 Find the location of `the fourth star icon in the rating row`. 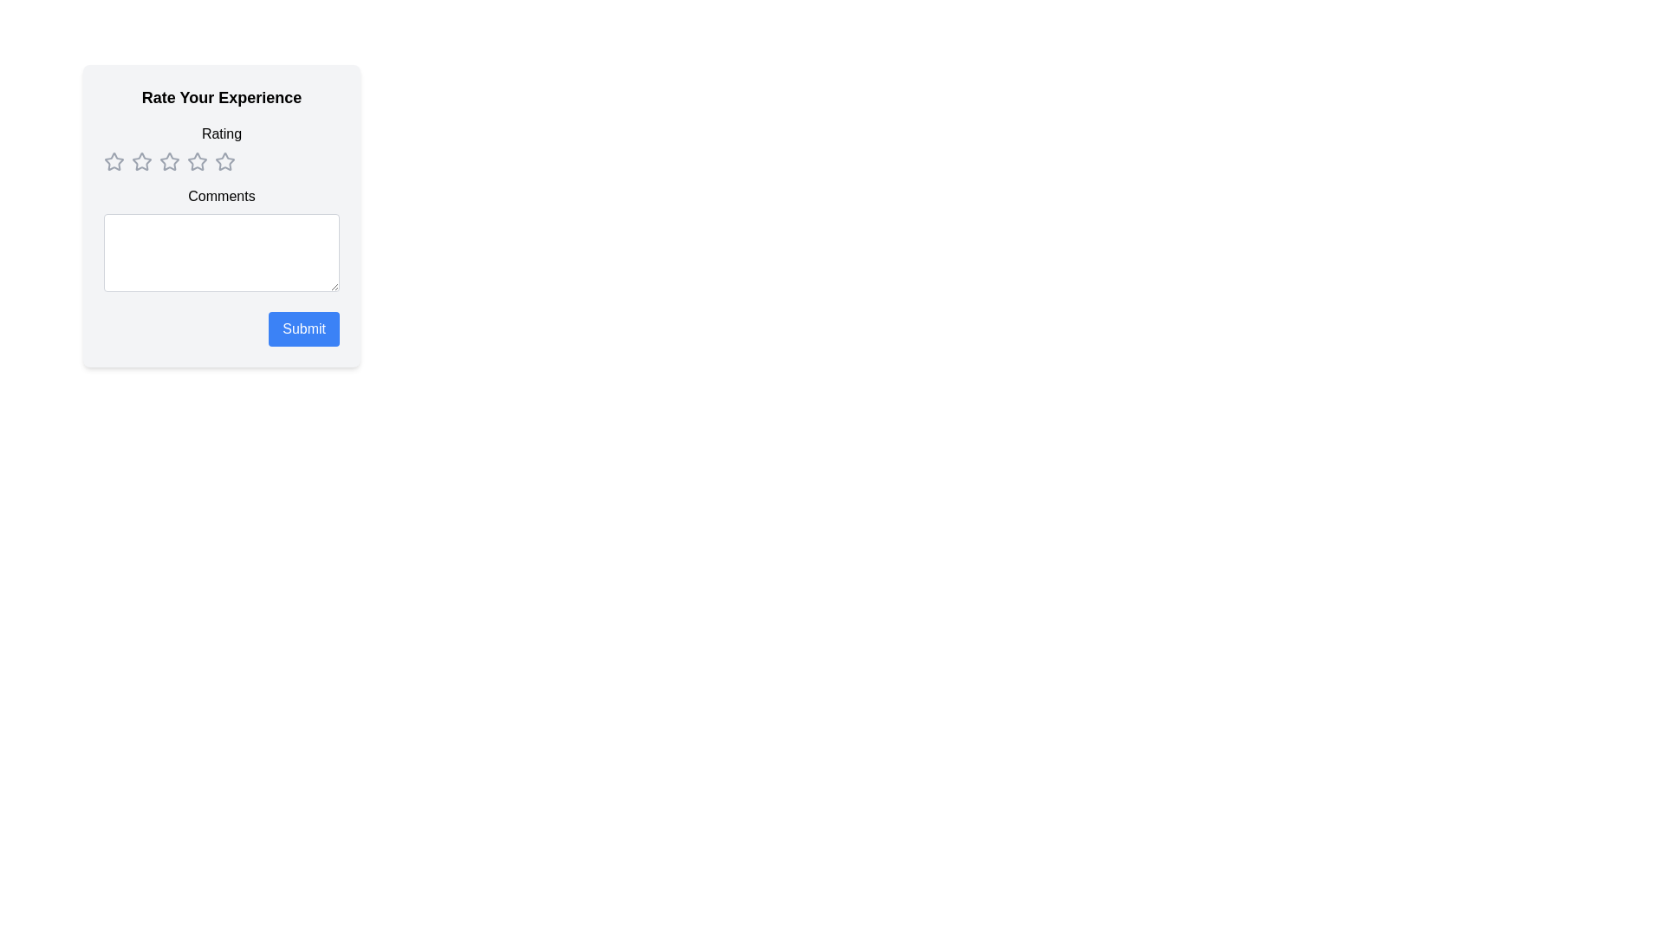

the fourth star icon in the rating row is located at coordinates (224, 161).